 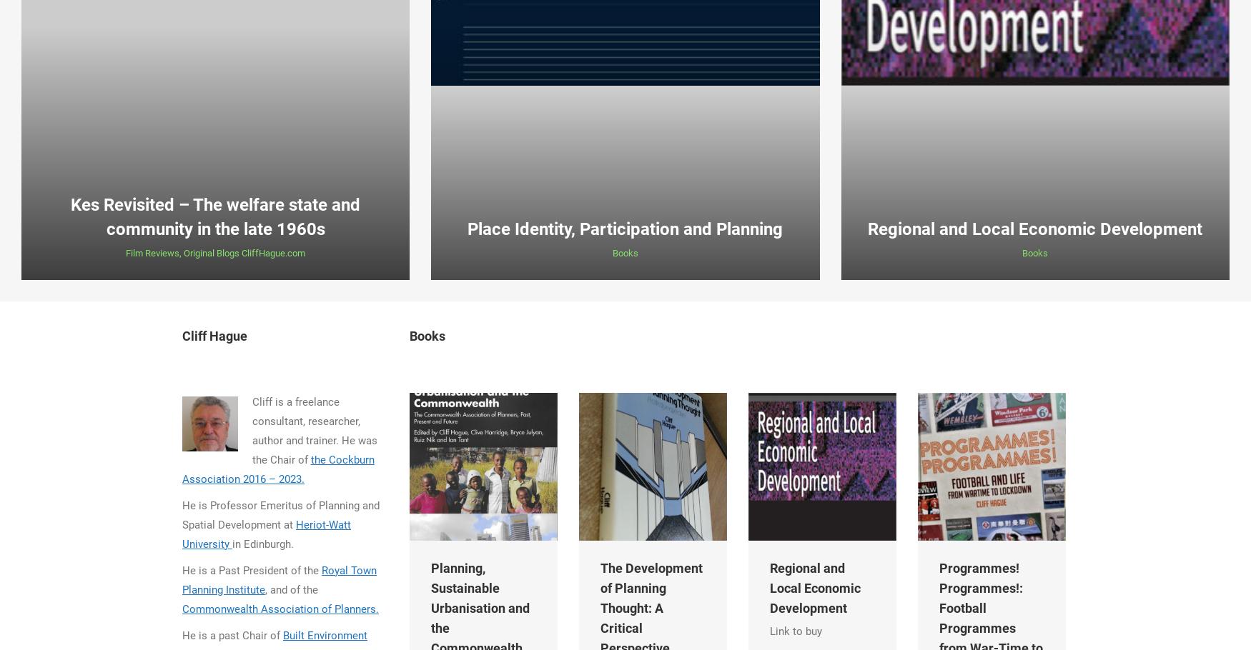 What do you see at coordinates (277, 468) in the screenshot?
I see `'the Cockburn Association 2016 – 2023.'` at bounding box center [277, 468].